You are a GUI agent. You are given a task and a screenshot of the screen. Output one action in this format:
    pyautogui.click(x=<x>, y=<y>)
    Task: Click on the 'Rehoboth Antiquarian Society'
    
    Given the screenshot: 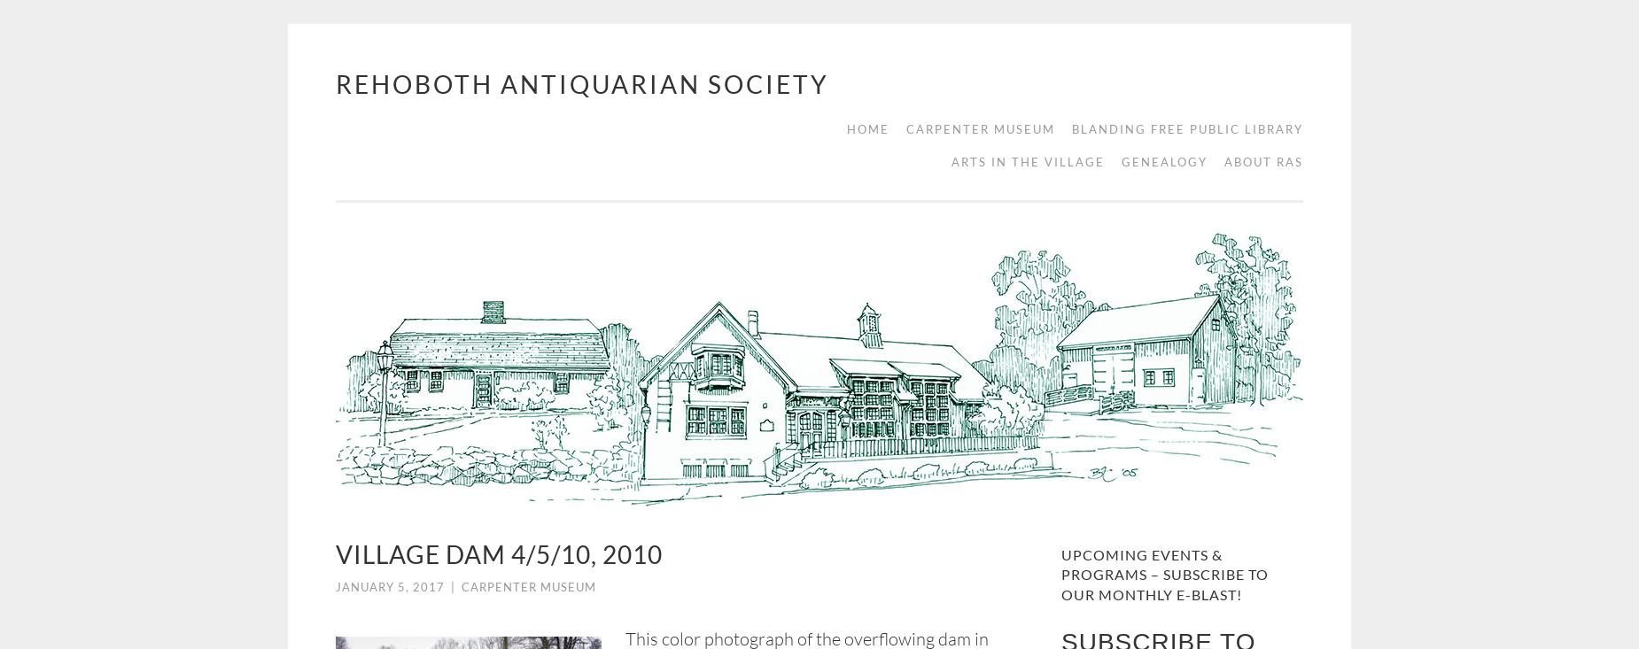 What is the action you would take?
    pyautogui.click(x=582, y=83)
    